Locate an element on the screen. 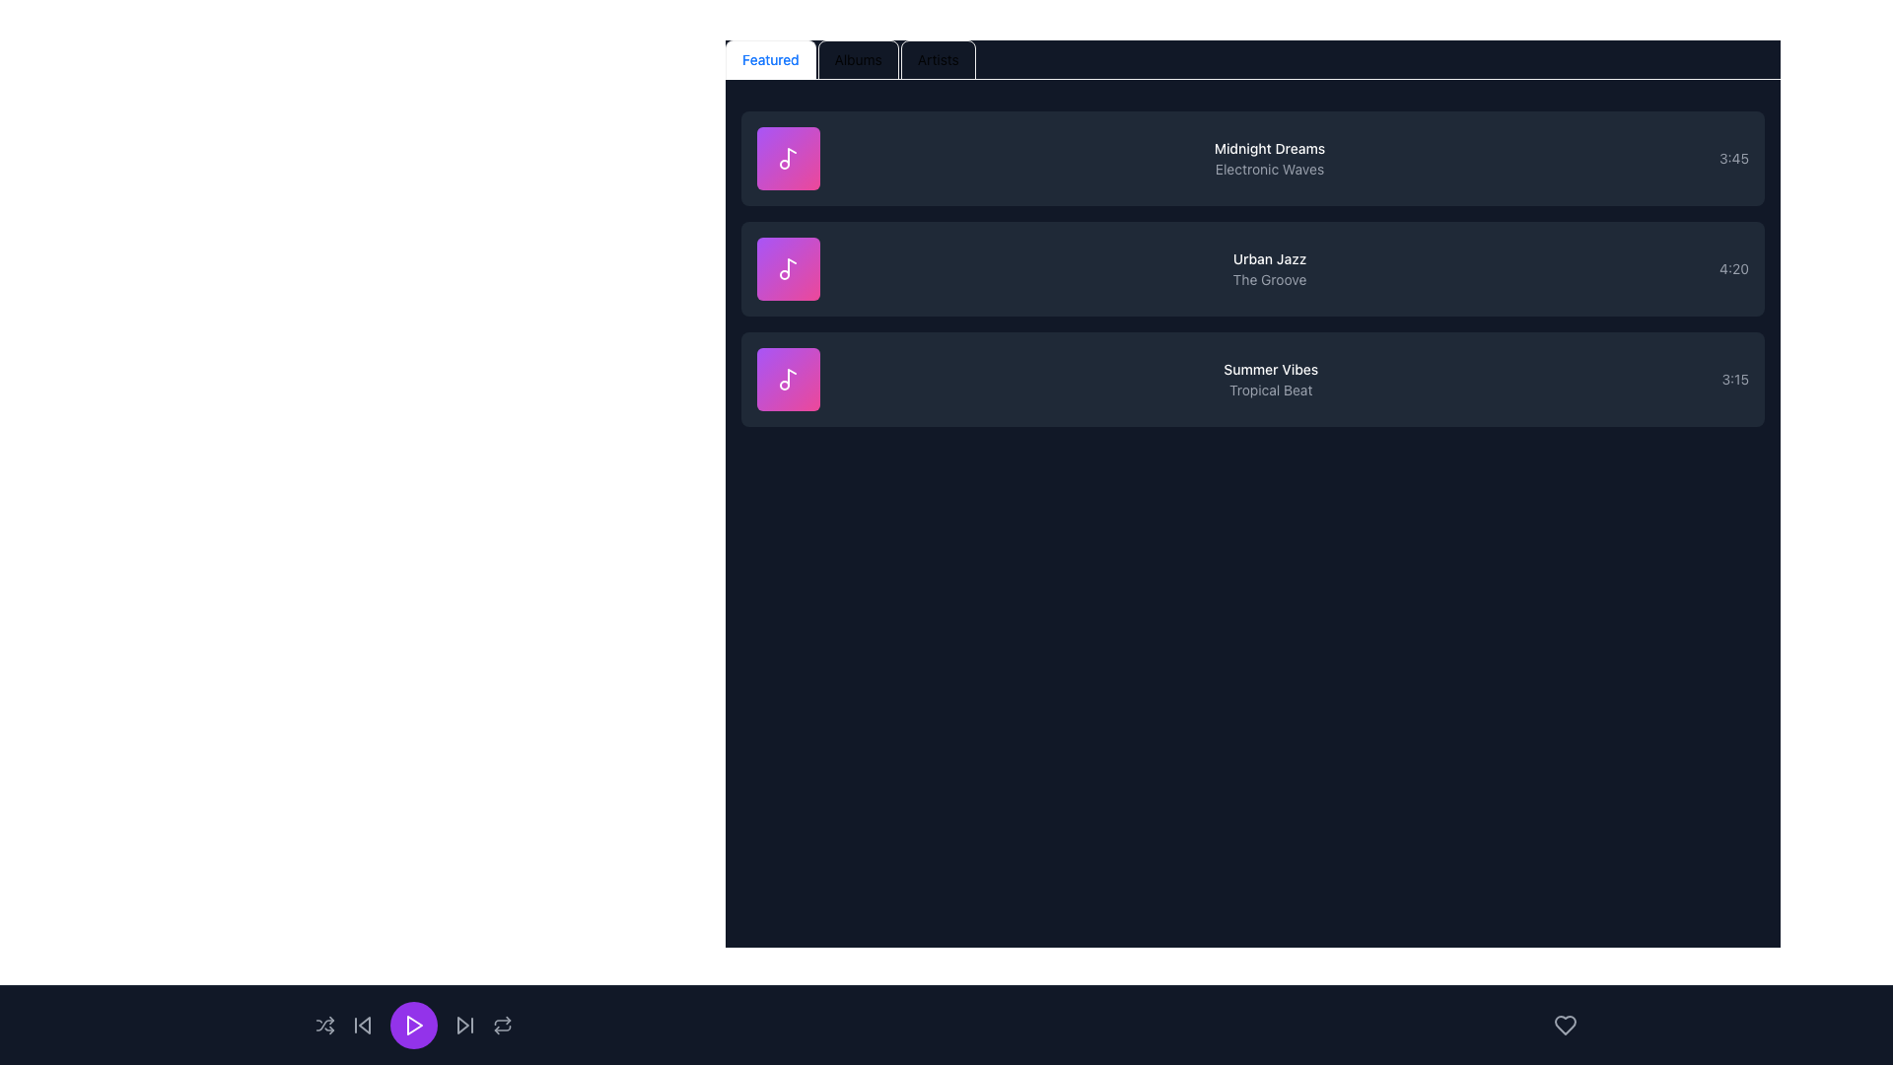 The width and height of the screenshot is (1893, 1065). the text block containing the title and subtitle of the third media item, located to the right of a square icon with a purple-pink gradient is located at coordinates (1271, 380).